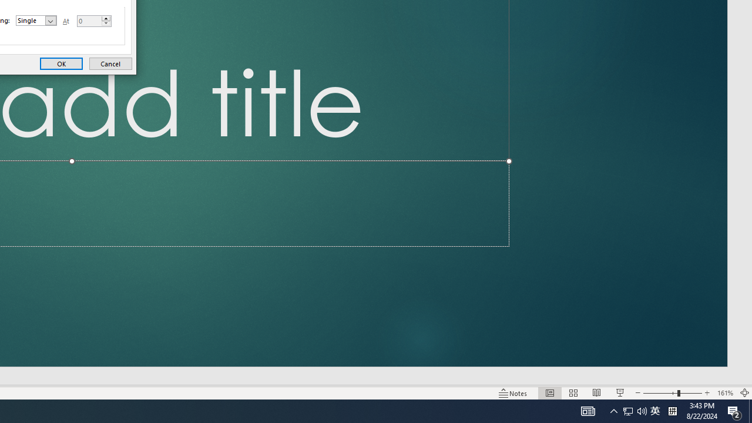  Describe the element at coordinates (642, 410) in the screenshot. I see `'Q2790: 100%'` at that location.